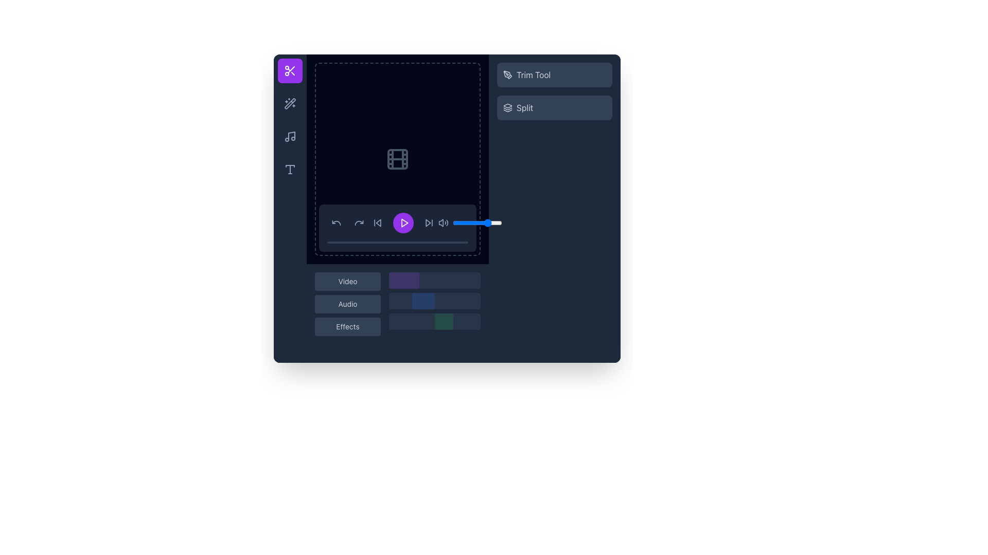 This screenshot has height=555, width=988. What do you see at coordinates (492, 223) in the screenshot?
I see `the slider value` at bounding box center [492, 223].